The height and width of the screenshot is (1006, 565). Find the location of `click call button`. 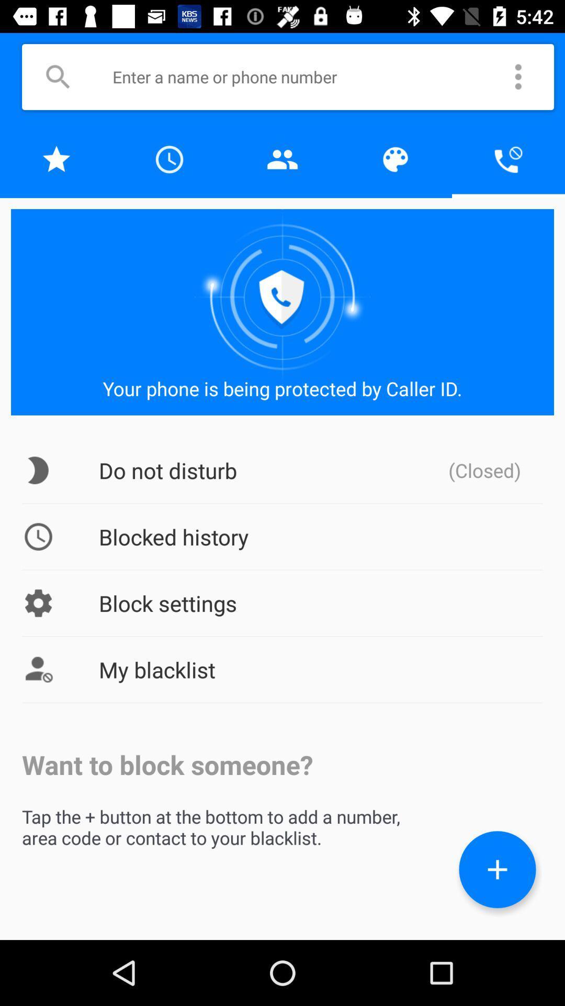

click call button is located at coordinates (508, 159).